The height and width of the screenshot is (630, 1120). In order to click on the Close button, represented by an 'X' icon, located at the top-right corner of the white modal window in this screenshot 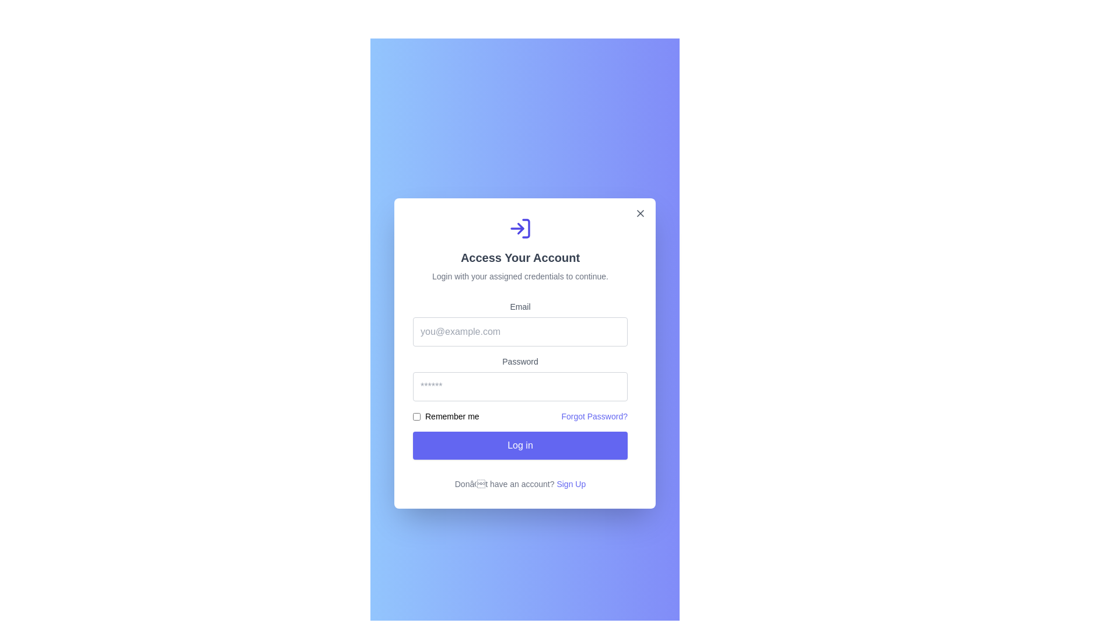, I will do `click(640, 213)`.